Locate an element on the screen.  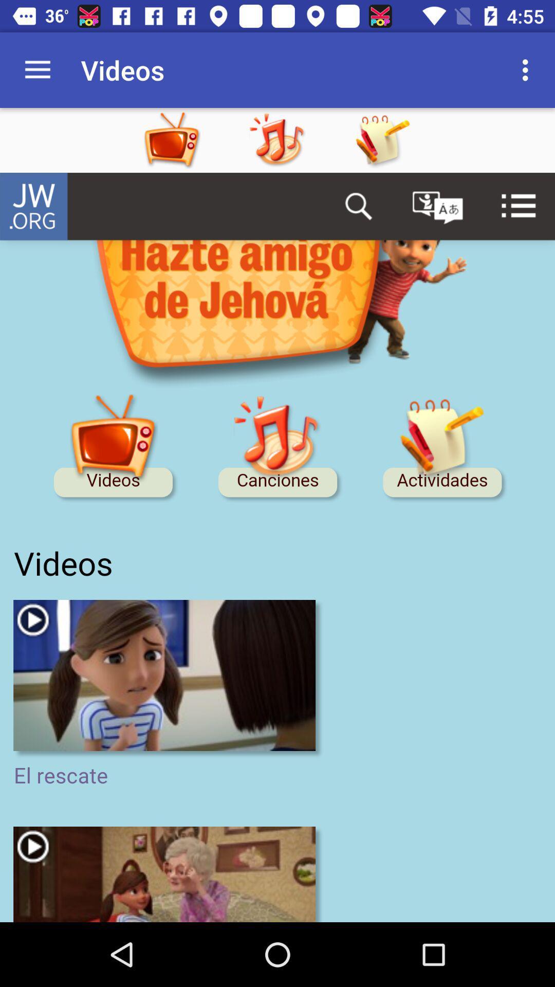
opens a music tab is located at coordinates (298, 140).